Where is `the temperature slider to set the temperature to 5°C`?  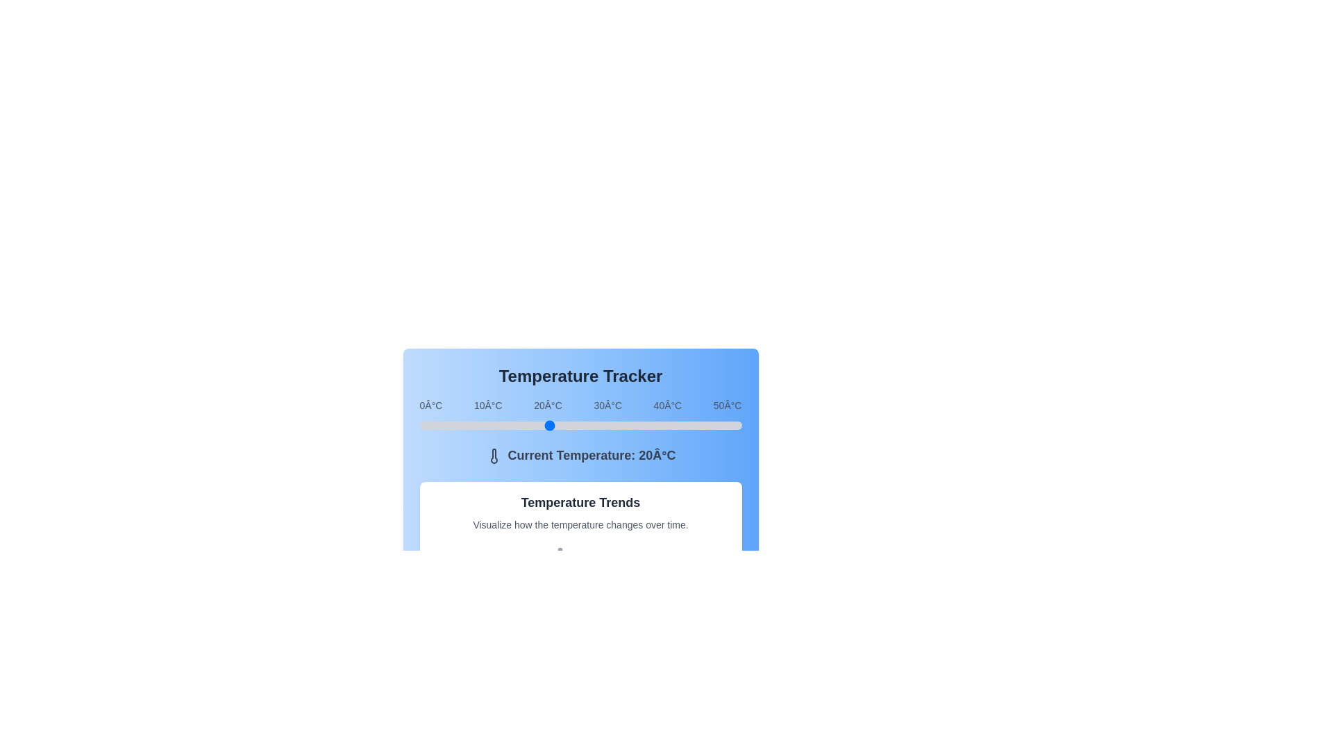 the temperature slider to set the temperature to 5°C is located at coordinates (451, 425).